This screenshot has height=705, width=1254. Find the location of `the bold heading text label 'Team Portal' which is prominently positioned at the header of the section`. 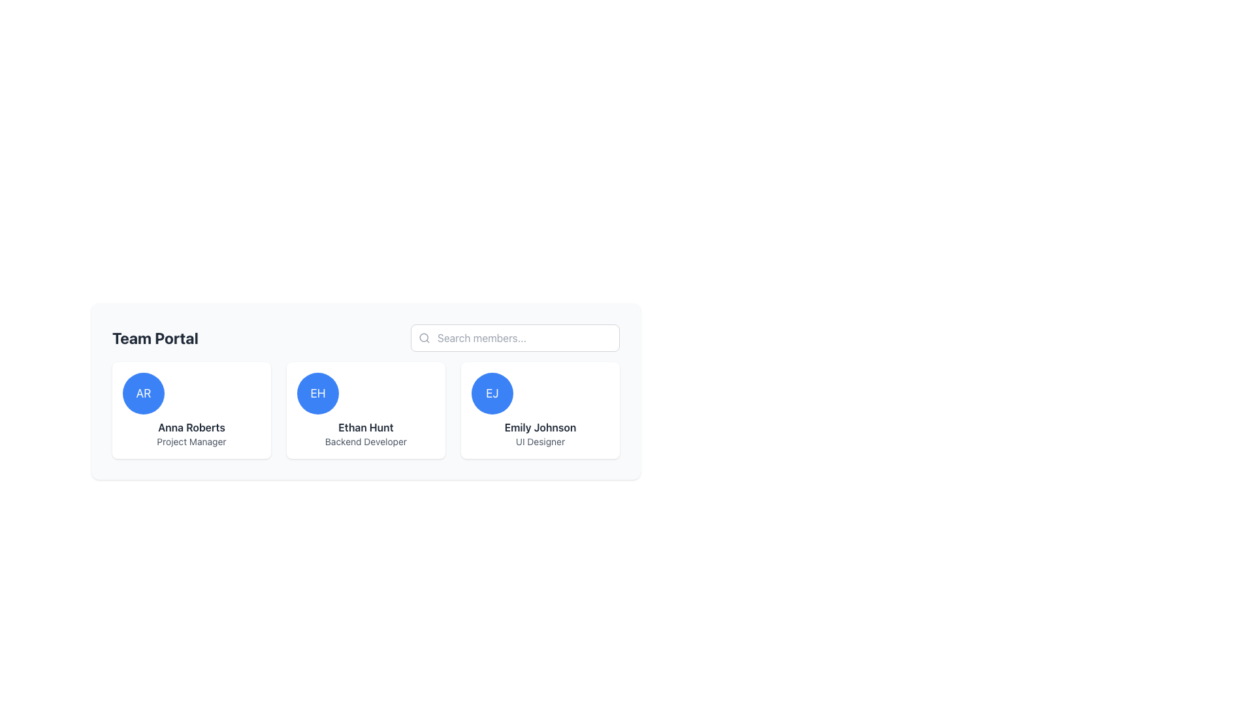

the bold heading text label 'Team Portal' which is prominently positioned at the header of the section is located at coordinates (155, 337).